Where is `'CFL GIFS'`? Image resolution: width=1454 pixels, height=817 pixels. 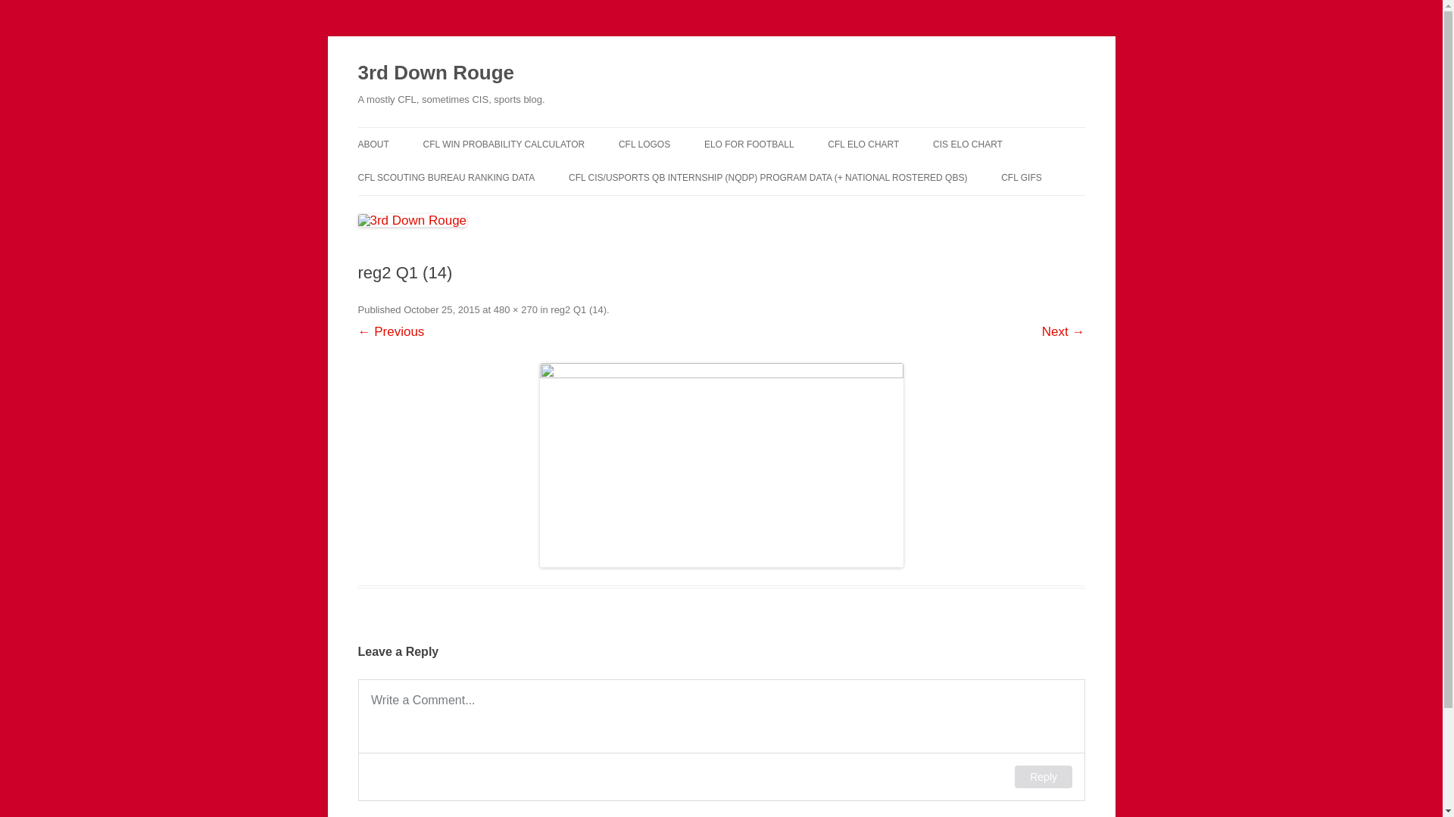
'CFL GIFS' is located at coordinates (1021, 177).